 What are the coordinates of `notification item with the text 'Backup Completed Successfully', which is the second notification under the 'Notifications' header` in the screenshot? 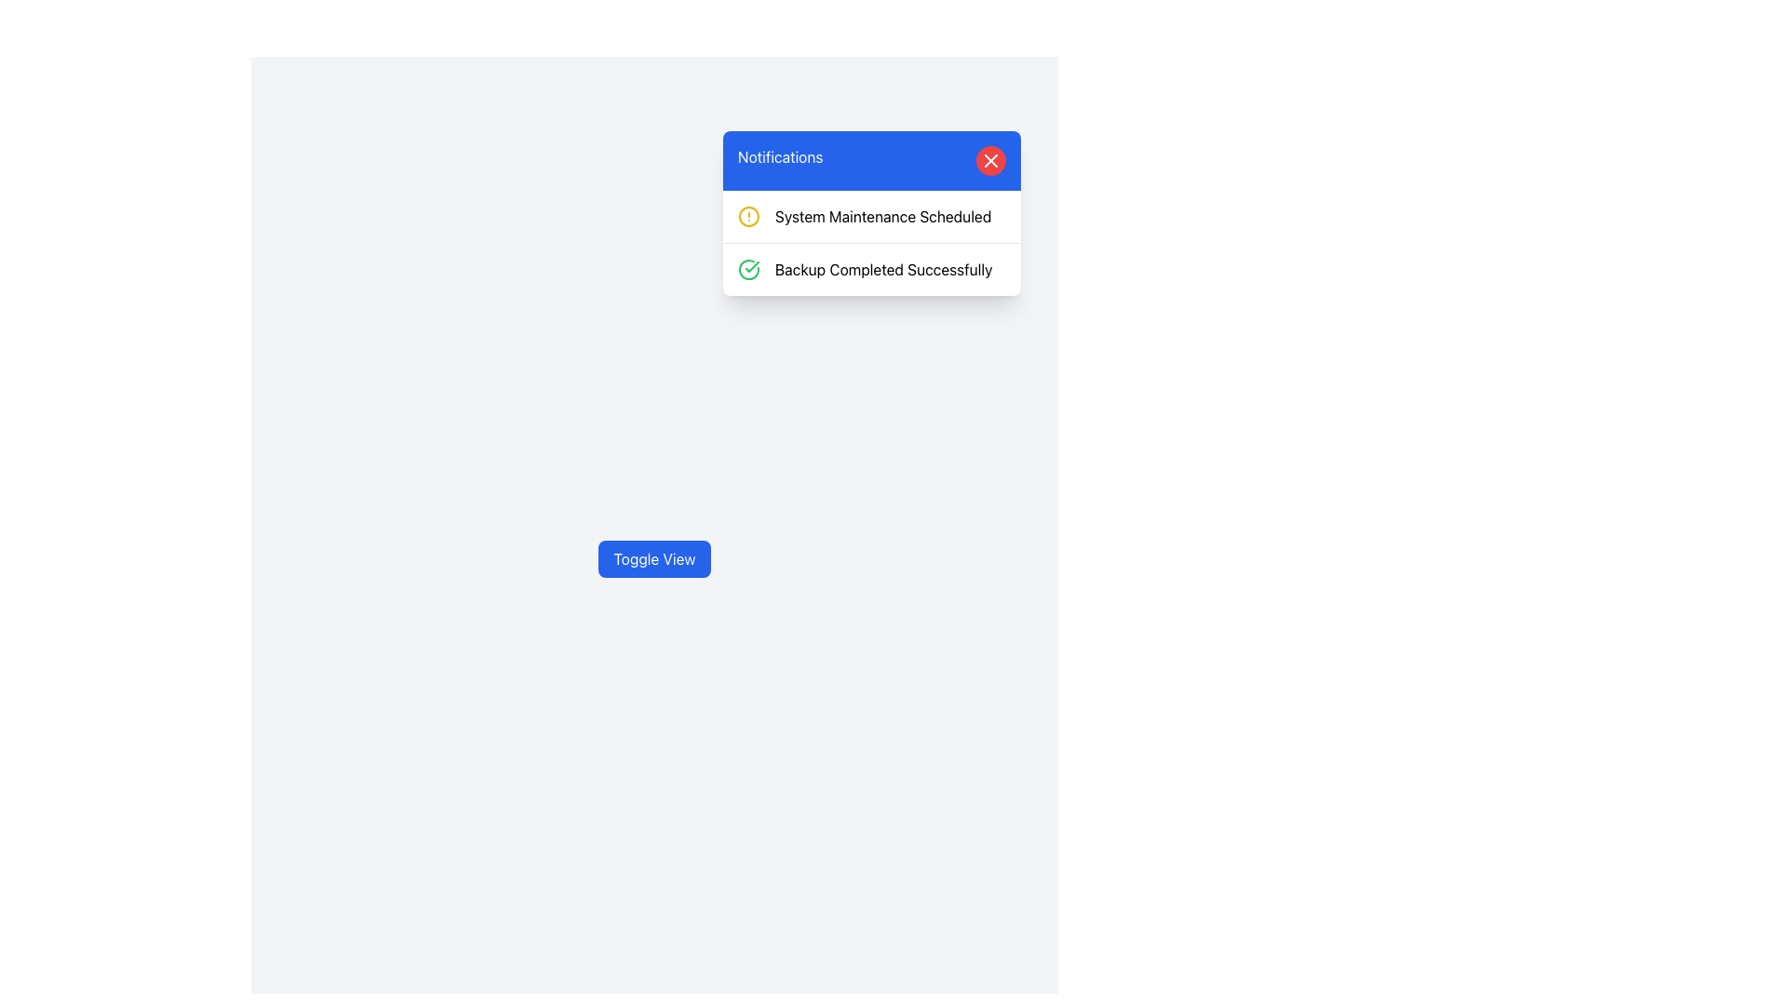 It's located at (870, 269).